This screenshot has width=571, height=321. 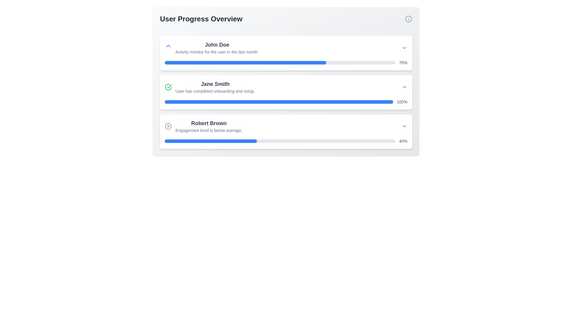 What do you see at coordinates (279, 102) in the screenshot?
I see `the horizontal progress bar indicating completion percentage for user 'Jane Smith', which is styled with a light gray background and a blue filled segment` at bounding box center [279, 102].